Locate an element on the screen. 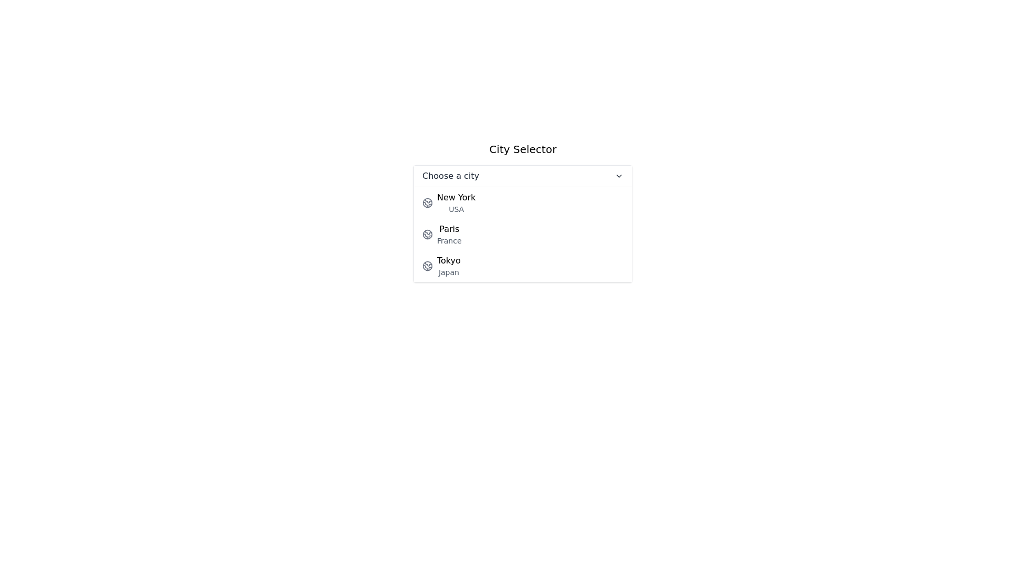 Image resolution: width=1010 pixels, height=568 pixels. the terrestrial globe icon representing the location option for 'Paris' in the dropdown list, which is located below 'New York' and above 'Tokyo' is located at coordinates (427, 234).